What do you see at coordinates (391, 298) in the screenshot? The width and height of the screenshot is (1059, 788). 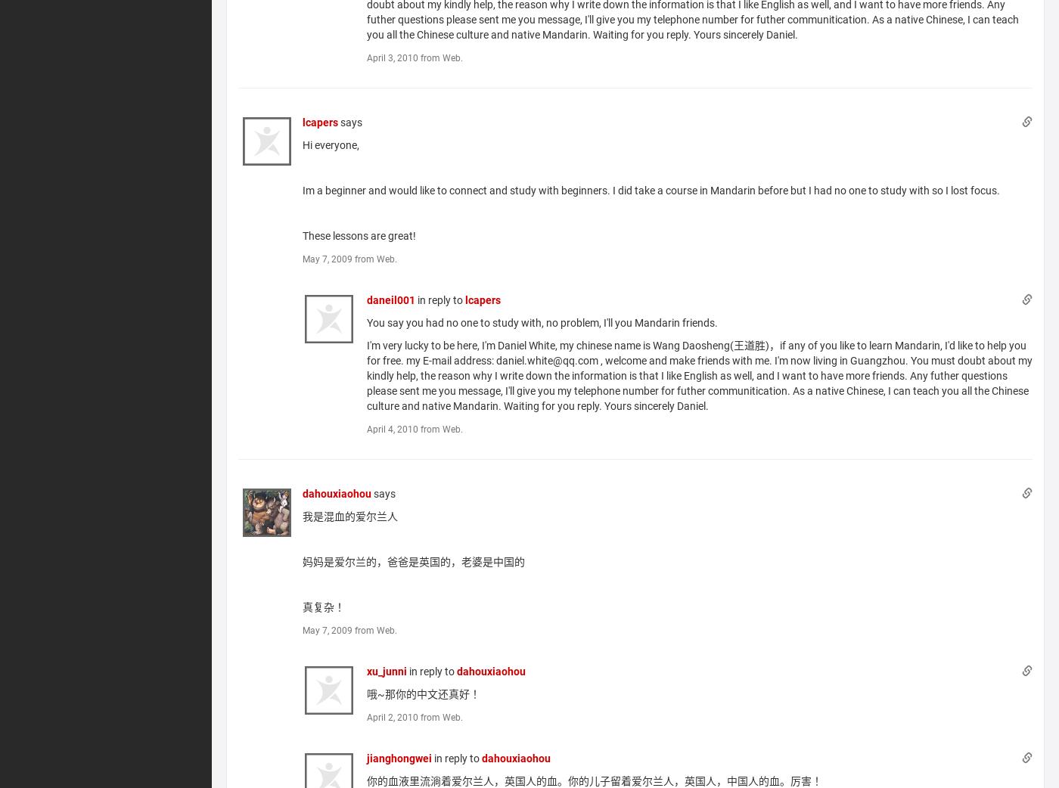 I see `'daneil001'` at bounding box center [391, 298].